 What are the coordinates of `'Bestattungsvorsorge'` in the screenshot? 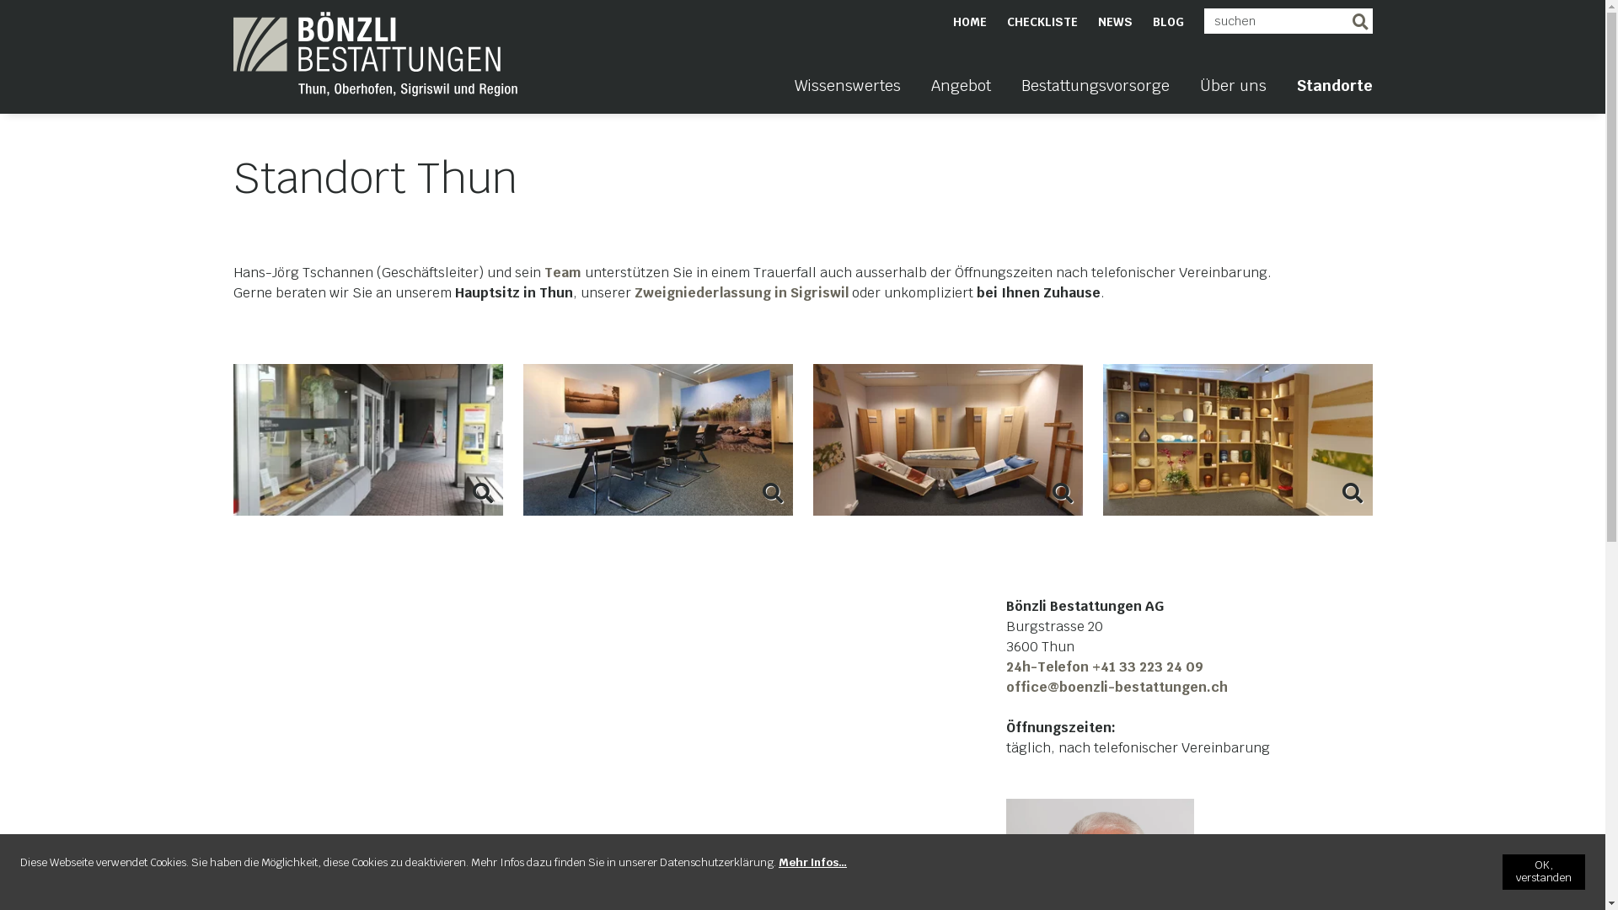 It's located at (1096, 94).